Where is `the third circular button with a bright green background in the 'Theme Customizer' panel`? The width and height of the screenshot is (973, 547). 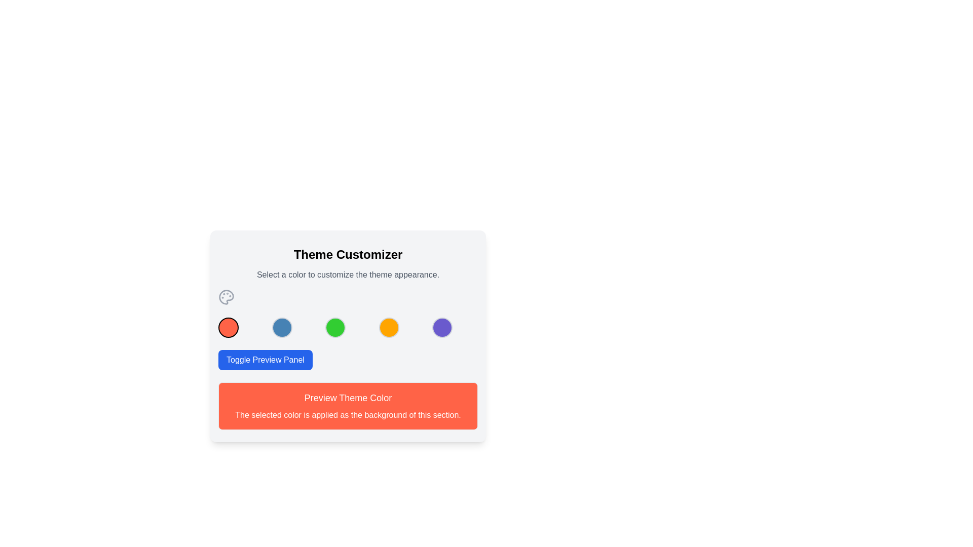 the third circular button with a bright green background in the 'Theme Customizer' panel is located at coordinates (335, 328).